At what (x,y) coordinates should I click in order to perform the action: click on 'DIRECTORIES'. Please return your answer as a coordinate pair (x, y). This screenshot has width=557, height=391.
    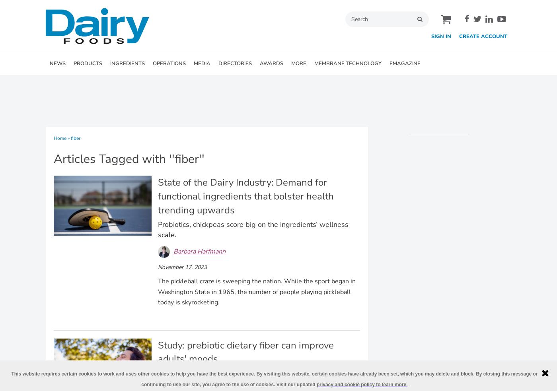
    Looking at the image, I should click on (235, 63).